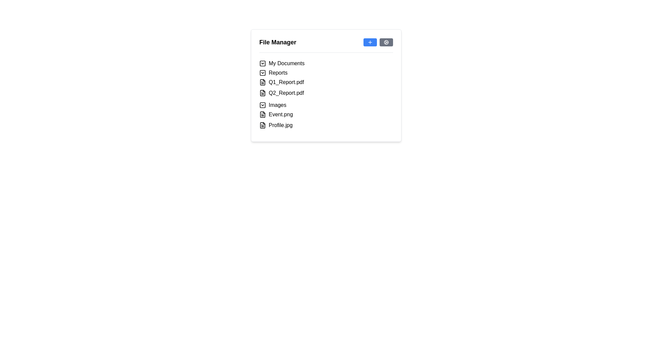 Image resolution: width=645 pixels, height=363 pixels. I want to click on the icon representing the 'Q1_Report.pdf' file in the File Manager interface, so click(262, 82).